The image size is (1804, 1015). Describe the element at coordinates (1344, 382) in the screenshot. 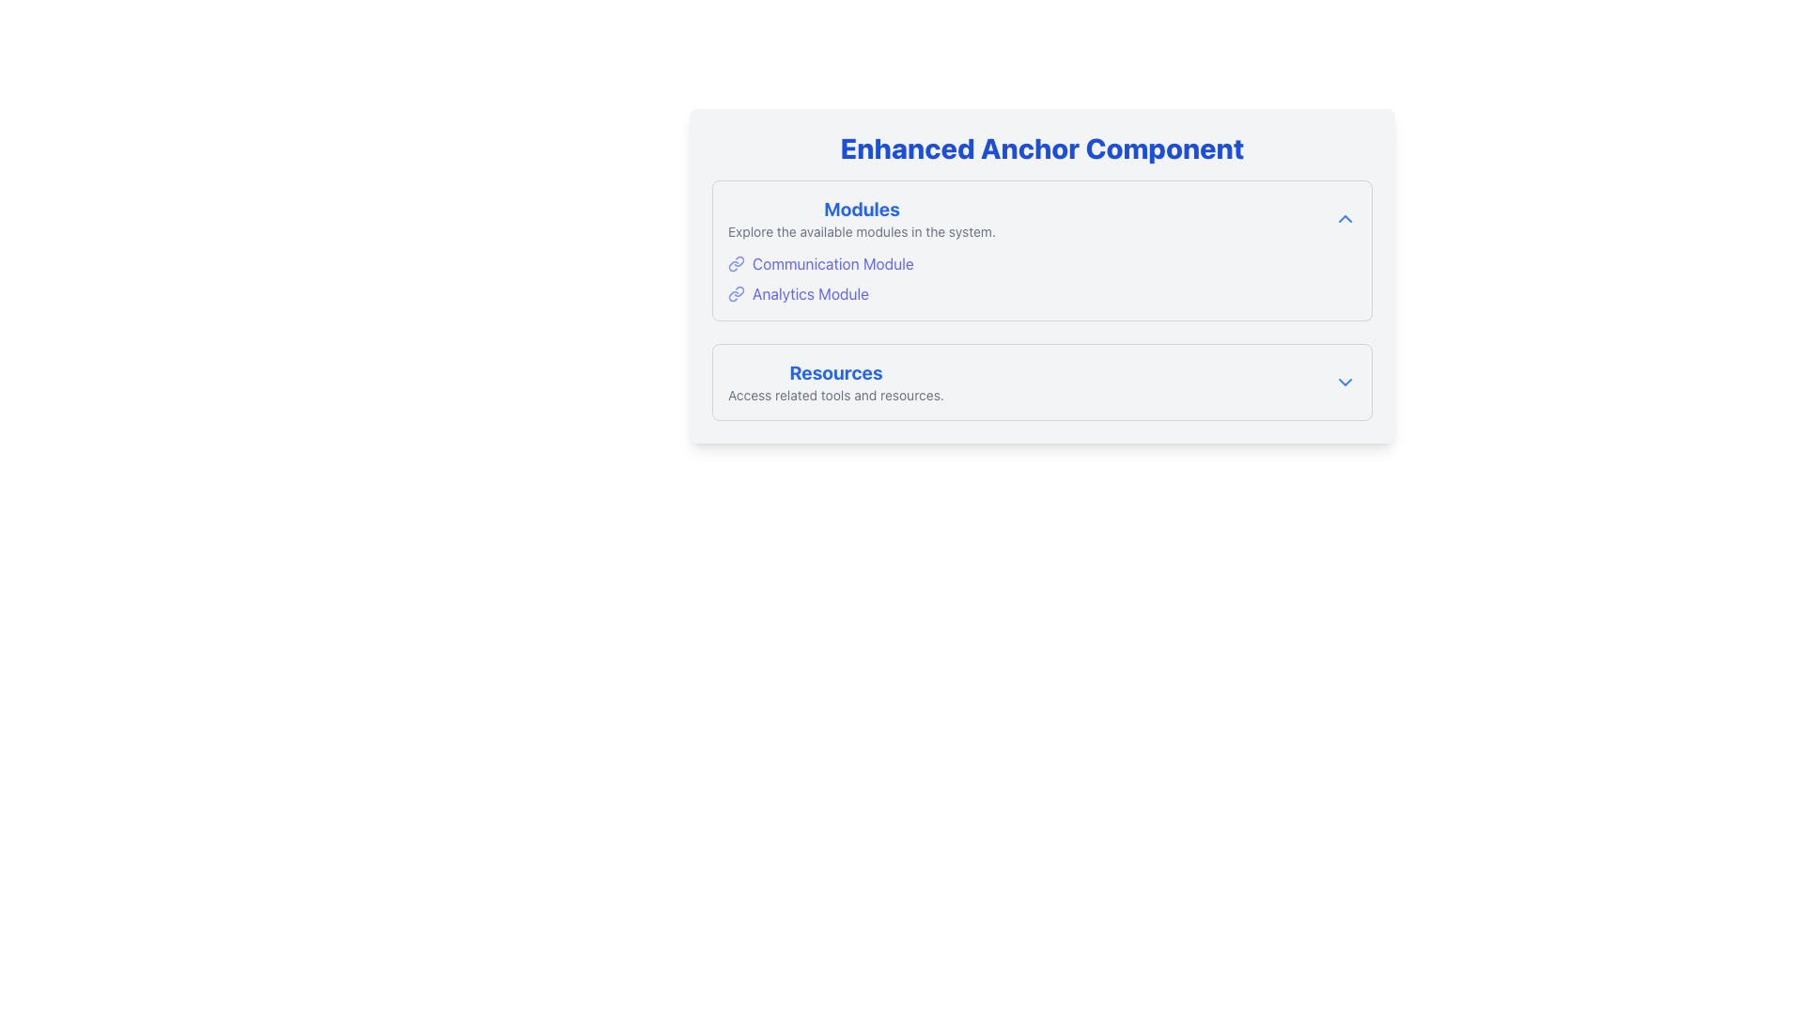

I see `the downward-pointing chevron icon styled in blue located at the far-right of the 'Resources' section header` at that location.